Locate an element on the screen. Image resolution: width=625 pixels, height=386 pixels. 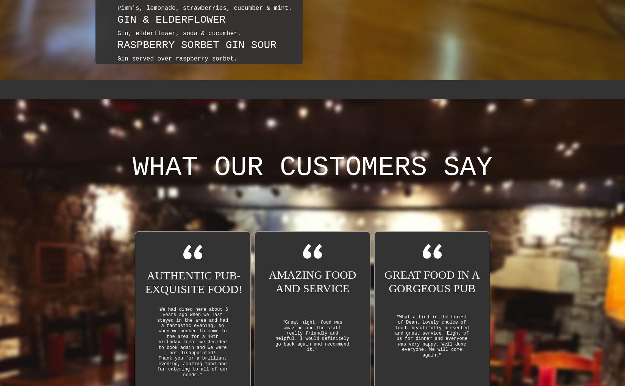
'AUTHENTIC PUB-EXQUISITE FOOD!' is located at coordinates (193, 281).